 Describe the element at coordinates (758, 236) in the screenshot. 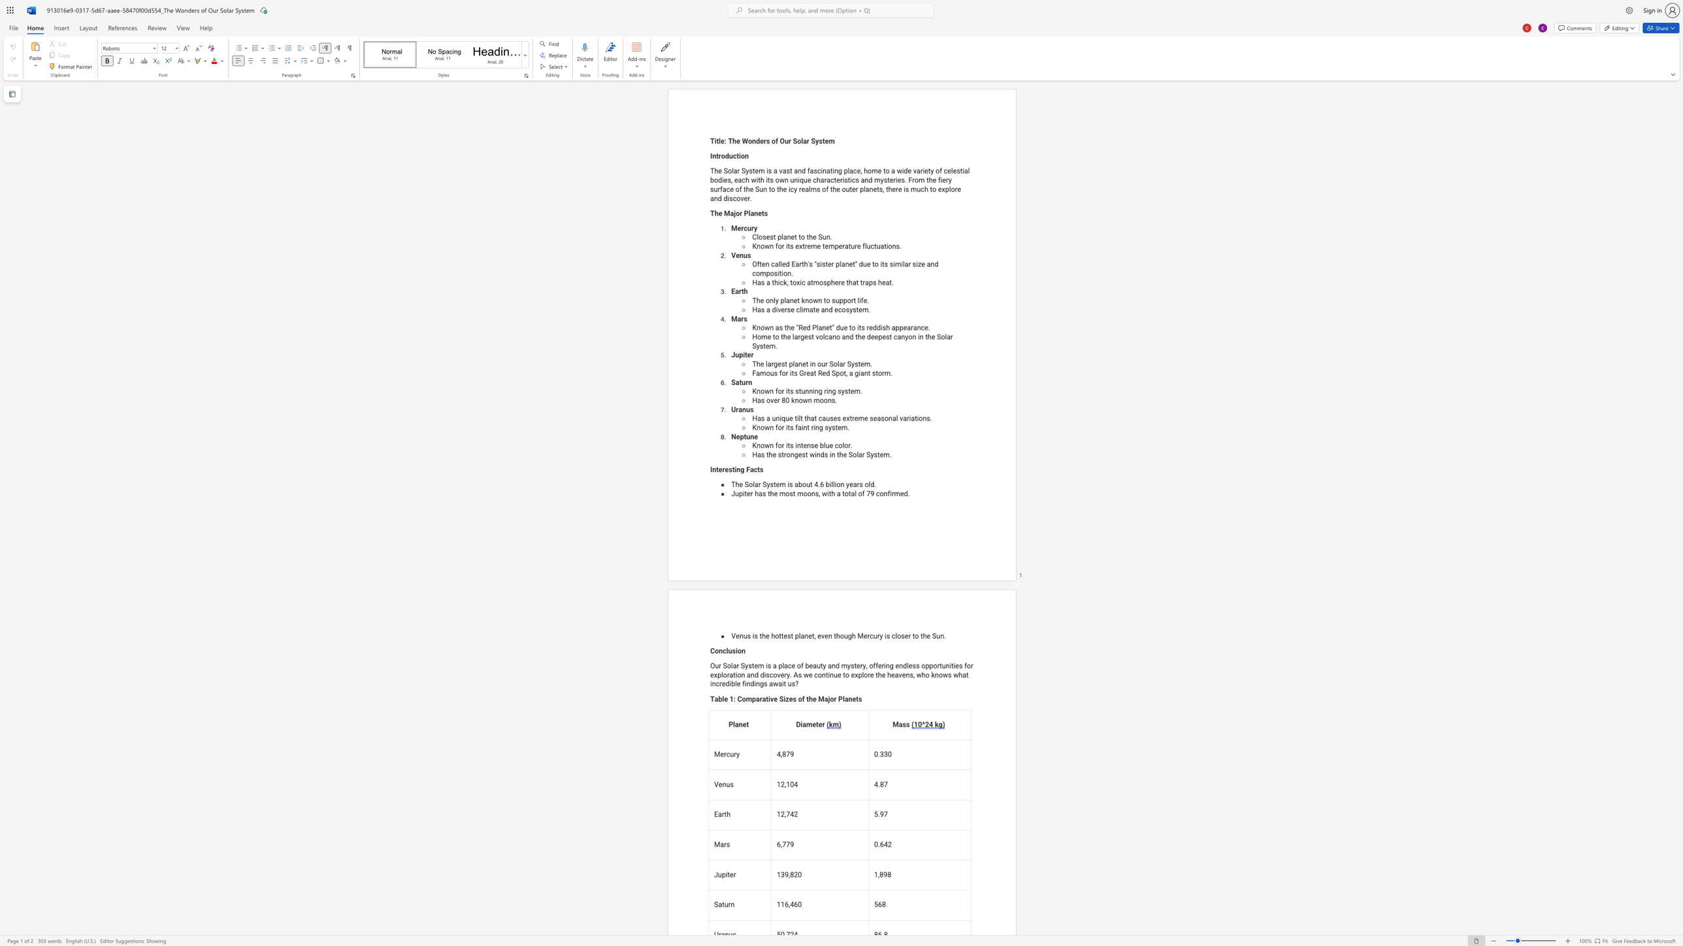

I see `the subset text "osest pla" within the text "Closest planet to the Sun."` at that location.